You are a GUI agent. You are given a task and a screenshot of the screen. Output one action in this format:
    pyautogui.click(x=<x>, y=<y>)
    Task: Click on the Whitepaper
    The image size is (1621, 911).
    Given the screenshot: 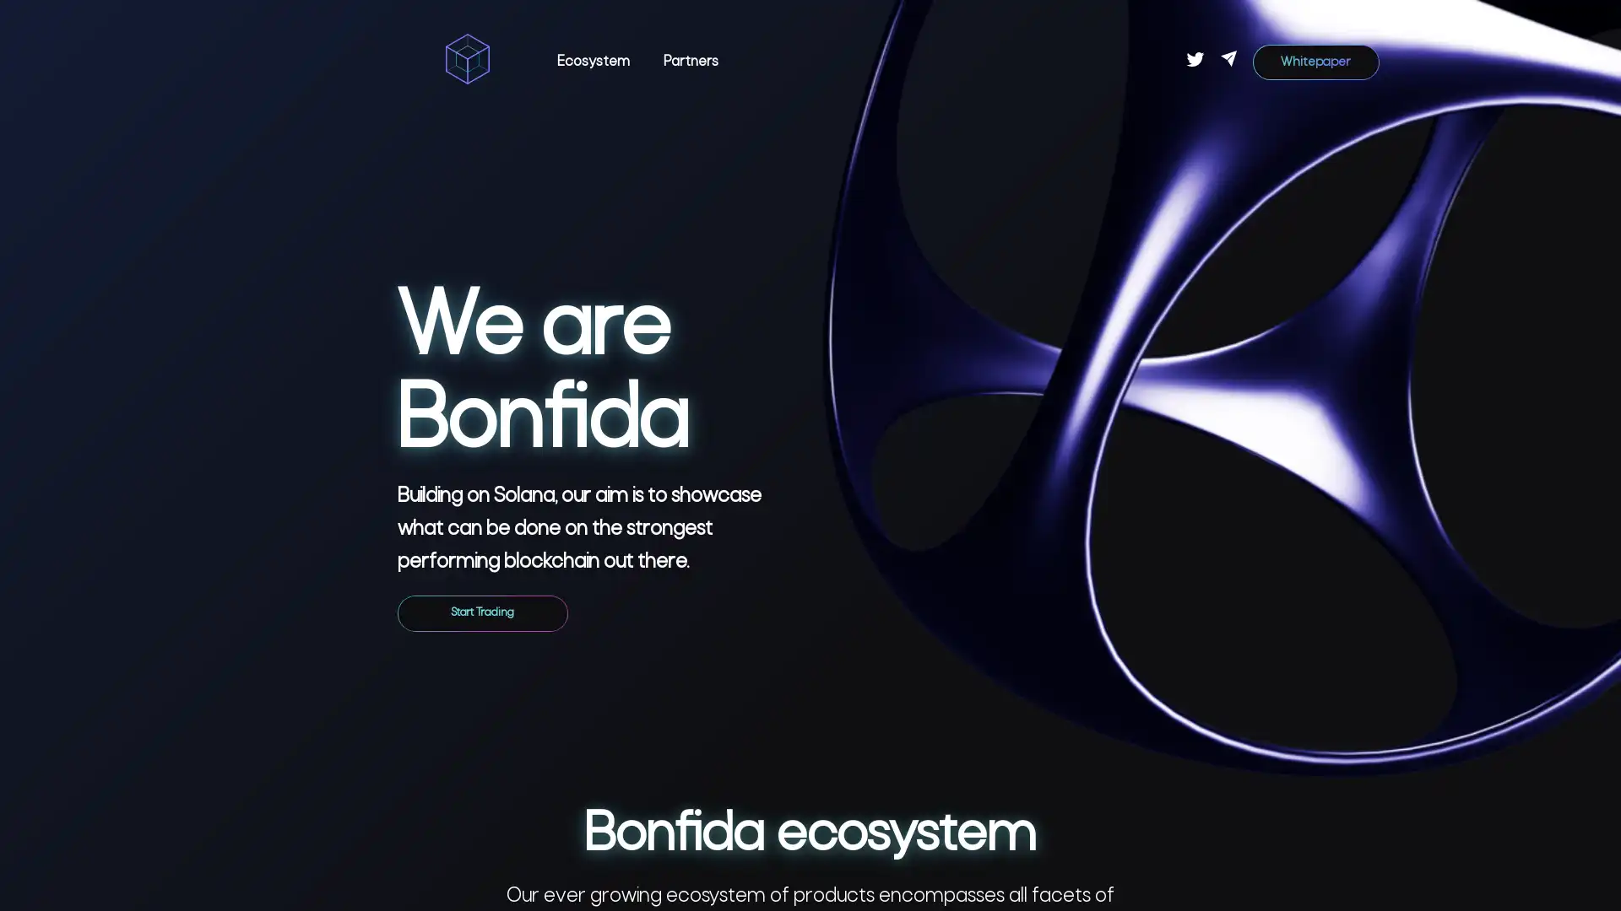 What is the action you would take?
    pyautogui.click(x=1315, y=61)
    